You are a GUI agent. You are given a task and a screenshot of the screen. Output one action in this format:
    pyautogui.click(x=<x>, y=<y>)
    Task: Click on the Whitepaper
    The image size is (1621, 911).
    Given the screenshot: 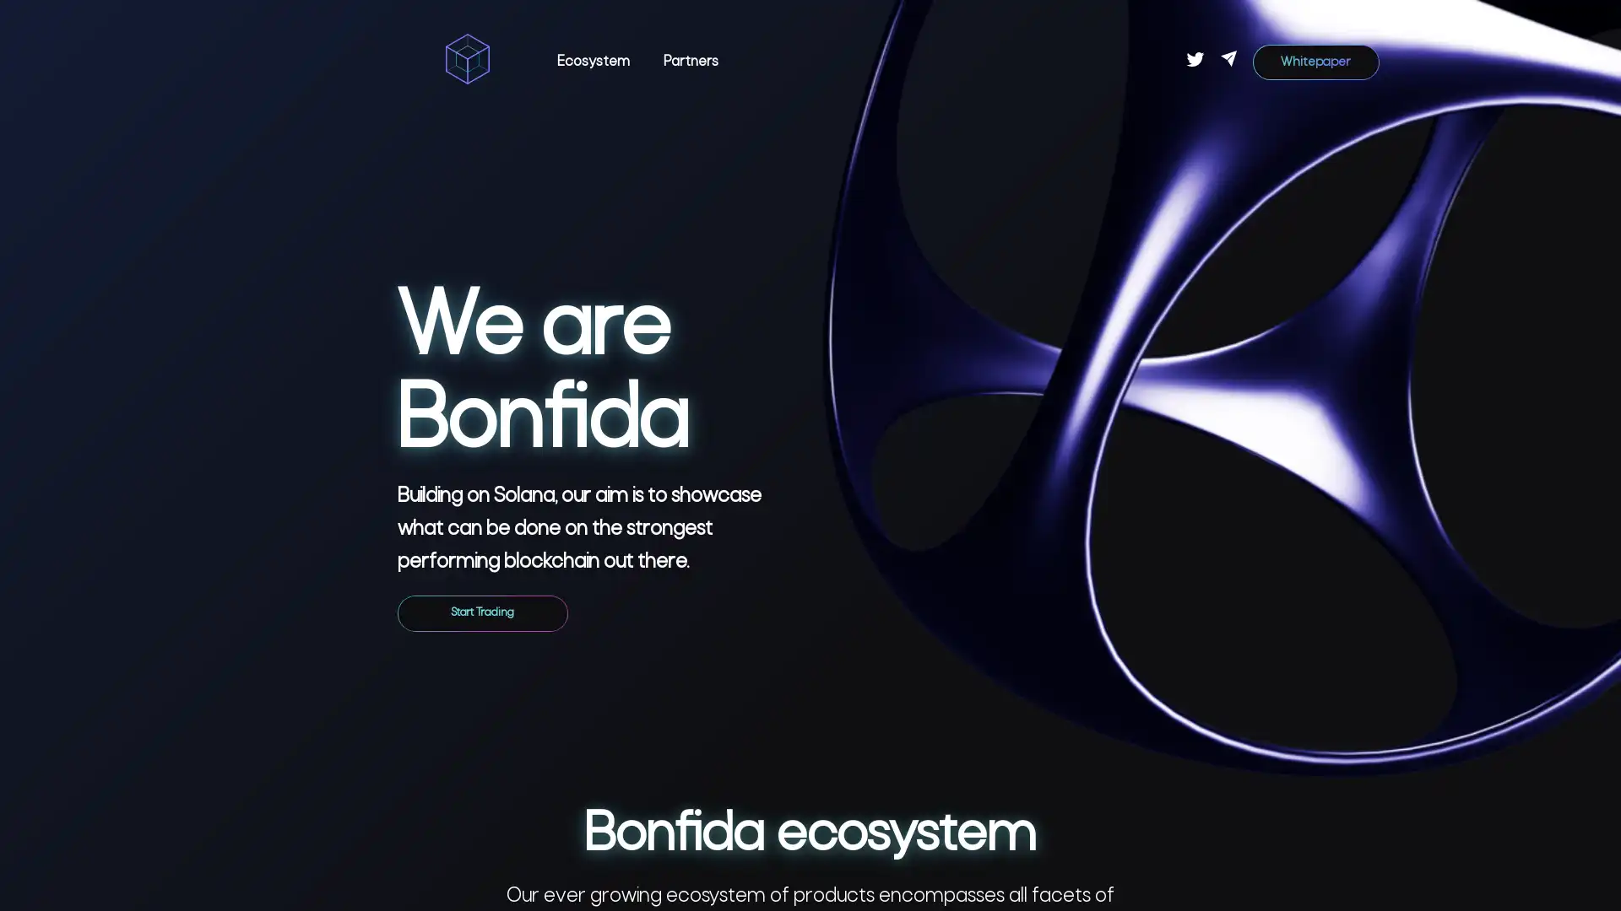 What is the action you would take?
    pyautogui.click(x=1315, y=61)
    